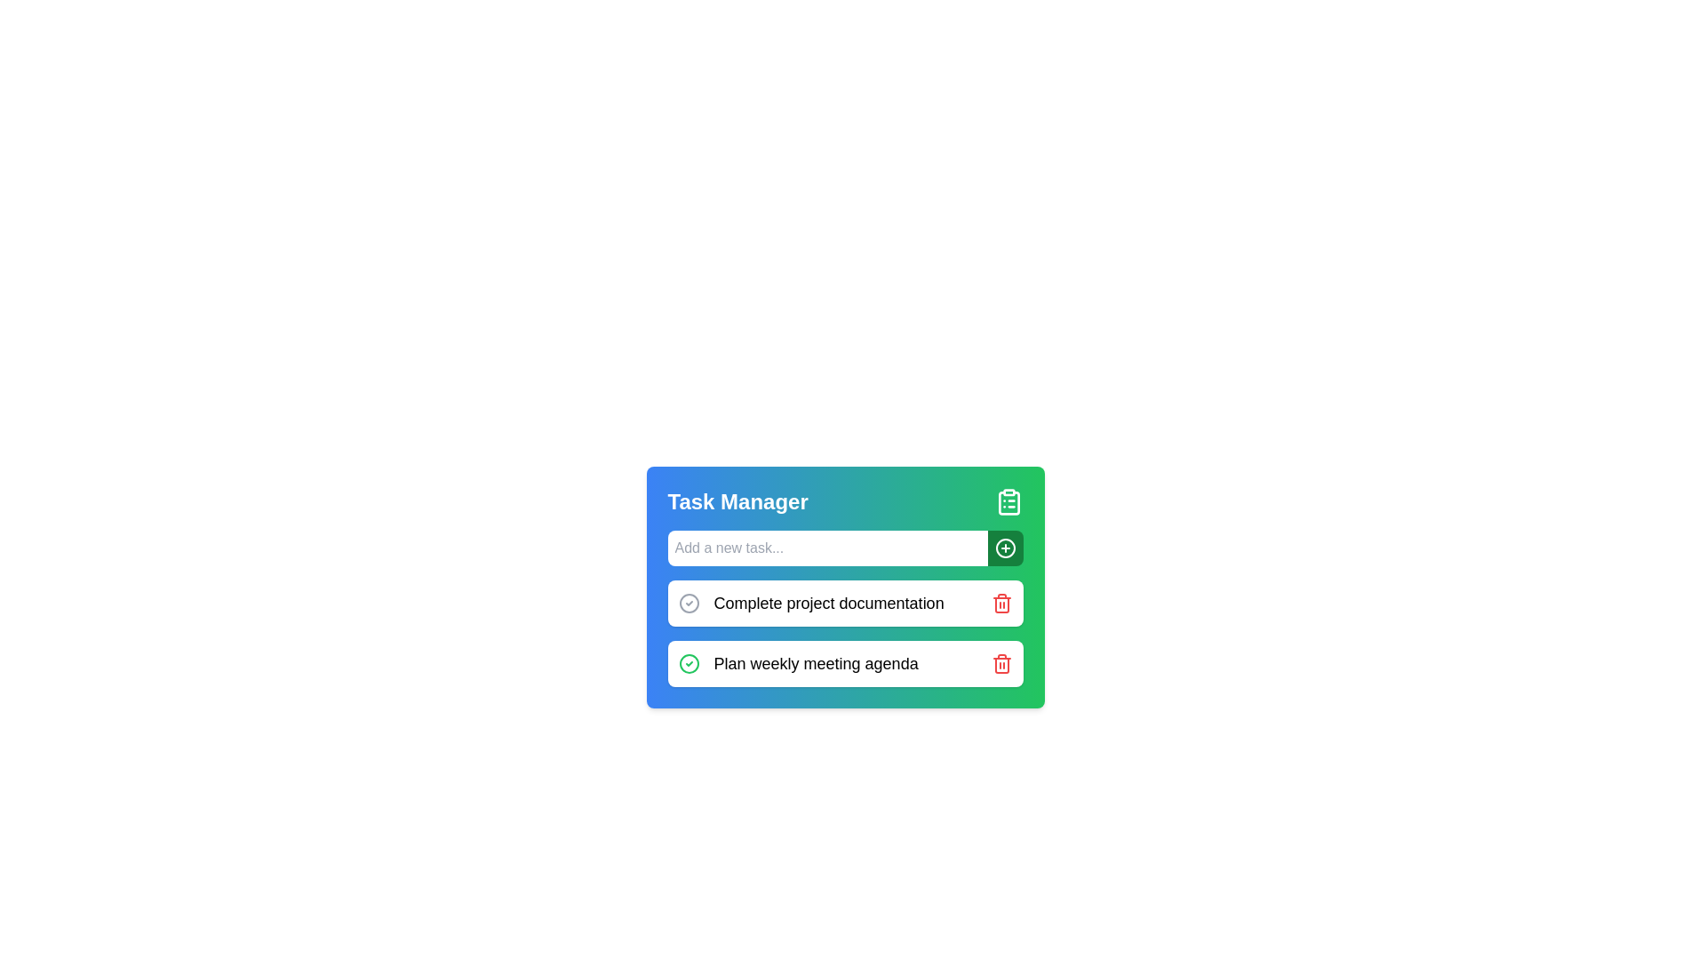 This screenshot has height=960, width=1706. What do you see at coordinates (844, 602) in the screenshot?
I see `to select the first task item in the task management system located in the 'Task Manager' interface` at bounding box center [844, 602].